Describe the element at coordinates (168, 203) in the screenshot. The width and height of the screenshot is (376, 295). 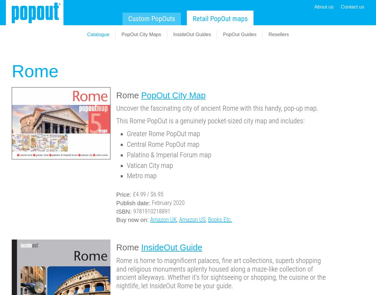
I see `'February 2020'` at that location.